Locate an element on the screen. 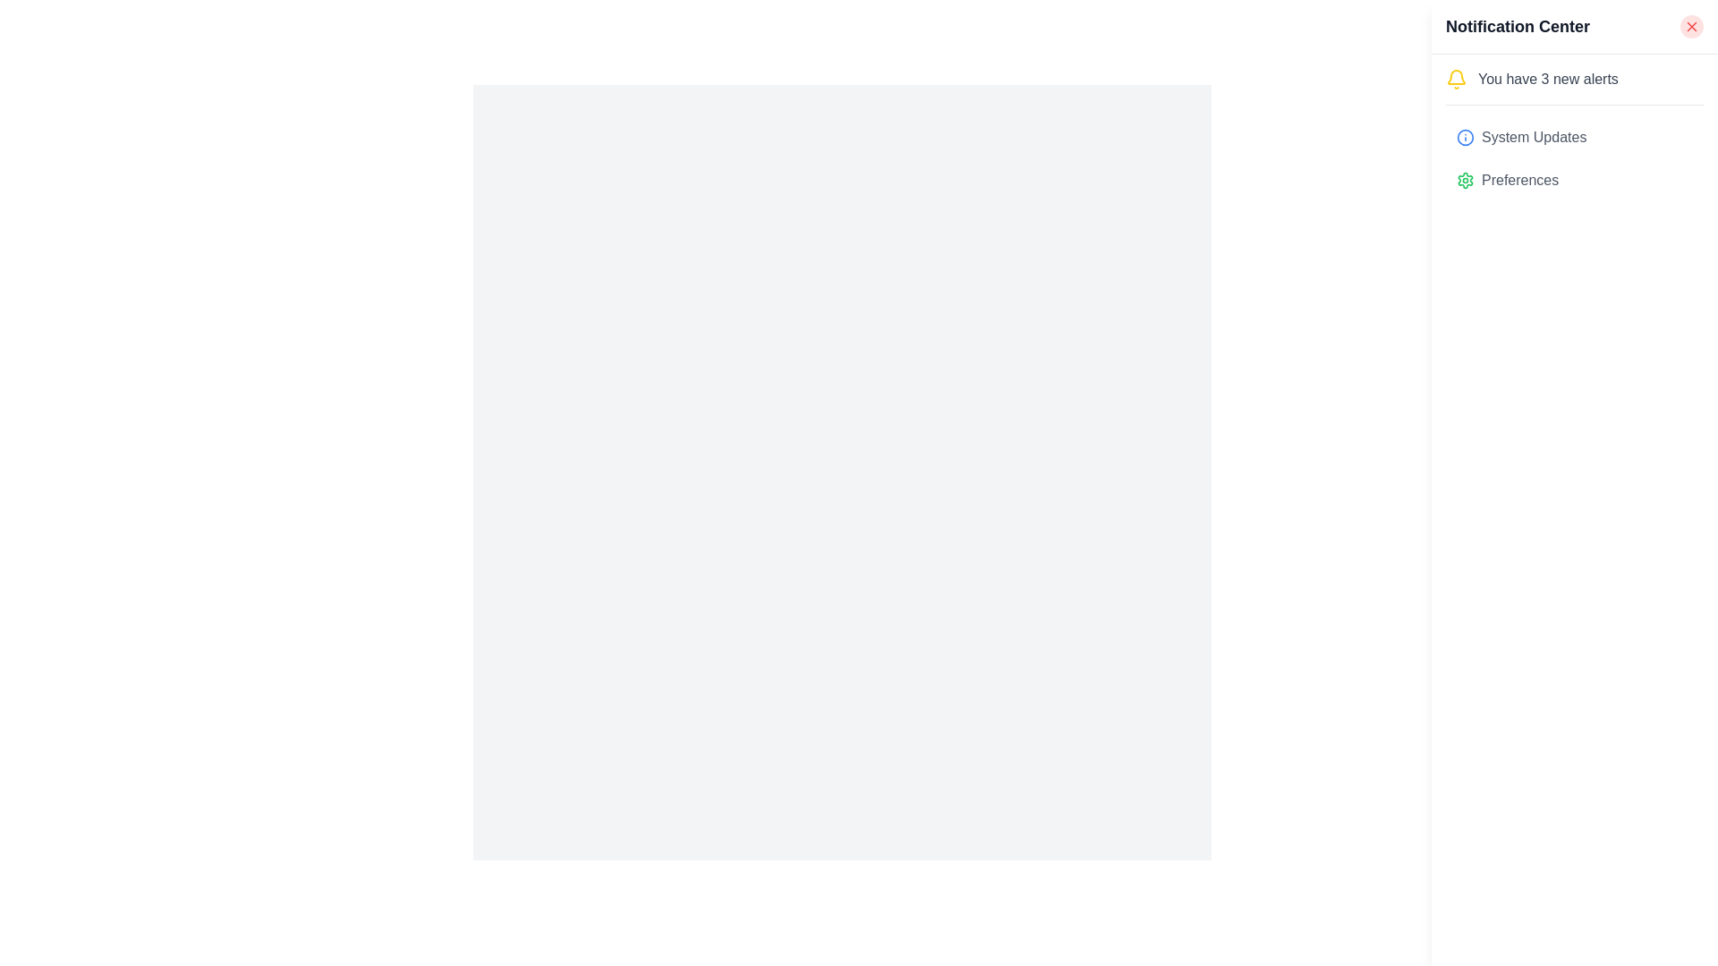  the static text indicating the number of new alerts, which is centrally positioned in the 'Notification Center' next to a yellow bell icon is located at coordinates (1547, 78).